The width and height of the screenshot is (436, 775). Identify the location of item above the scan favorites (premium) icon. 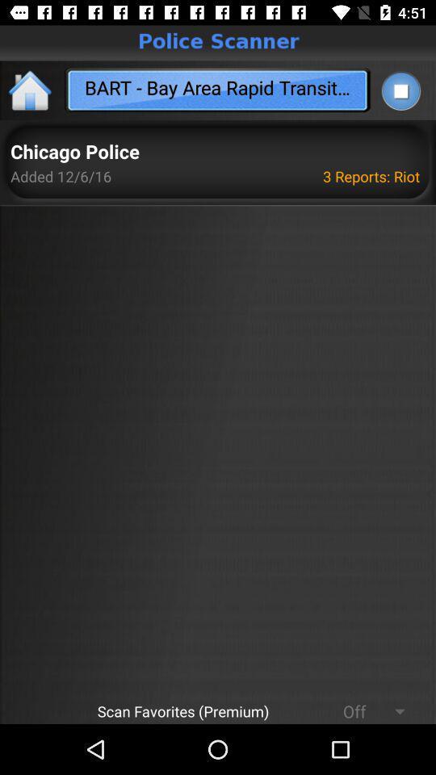
(60, 176).